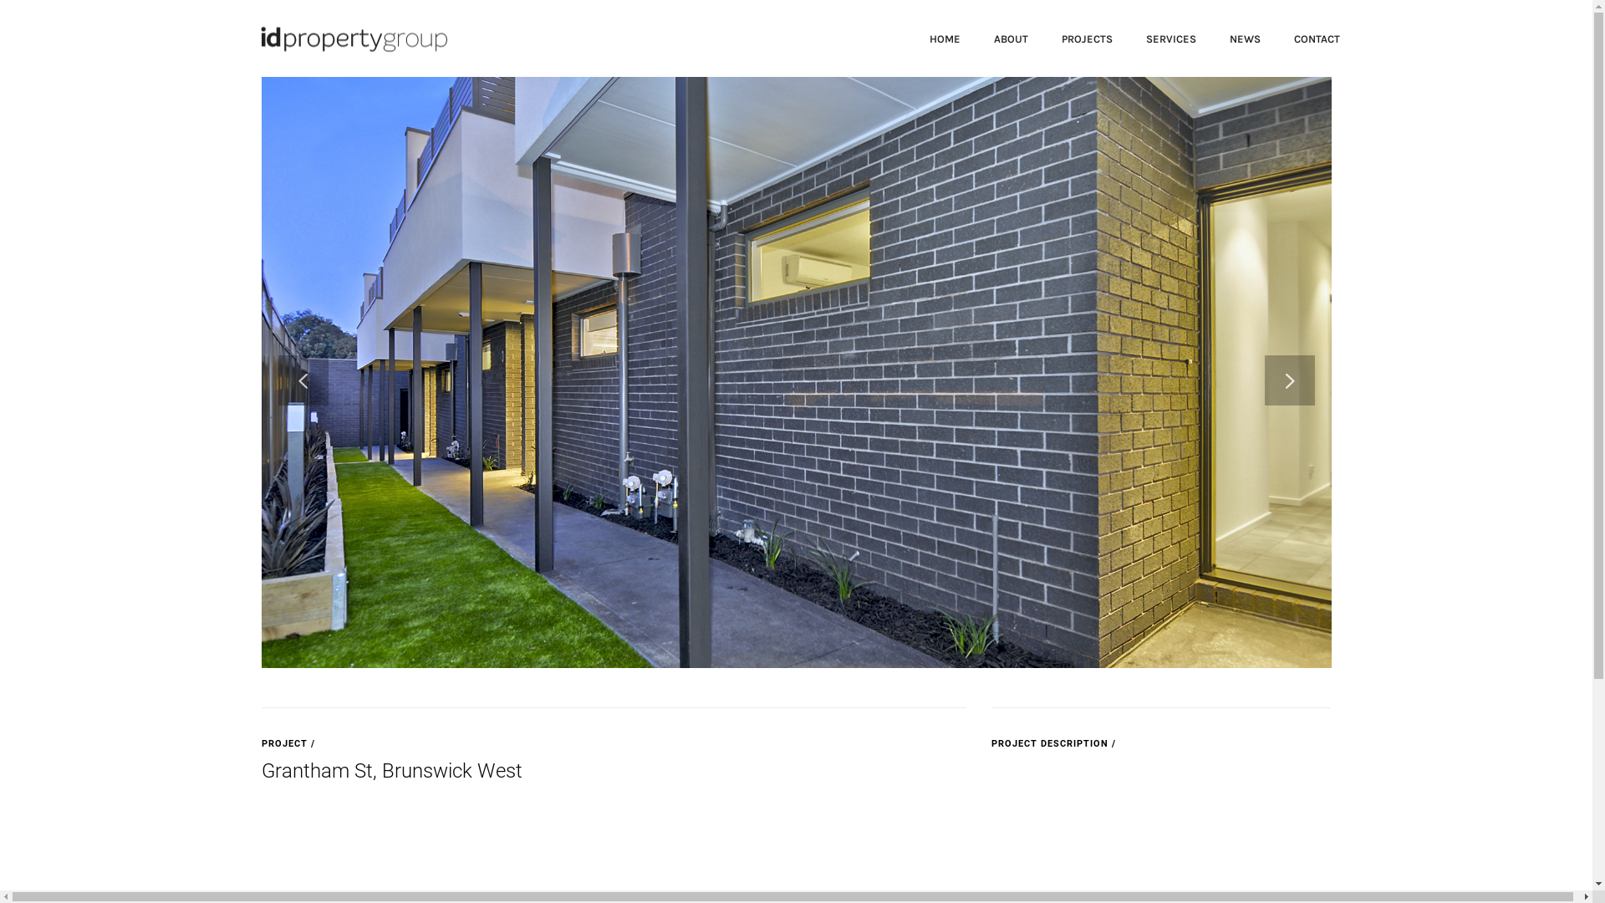 This screenshot has height=903, width=1605. Describe the element at coordinates (260, 742) in the screenshot. I see `'PROJECT /'` at that location.